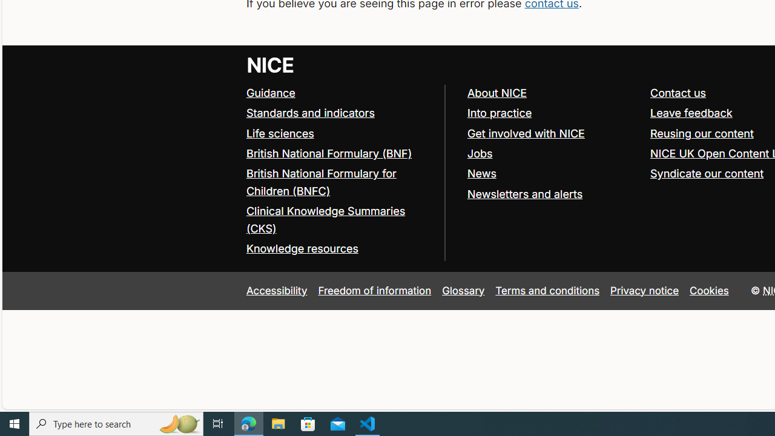 This screenshot has height=436, width=775. What do you see at coordinates (526, 133) in the screenshot?
I see `'Get involved with NICE'` at bounding box center [526, 133].